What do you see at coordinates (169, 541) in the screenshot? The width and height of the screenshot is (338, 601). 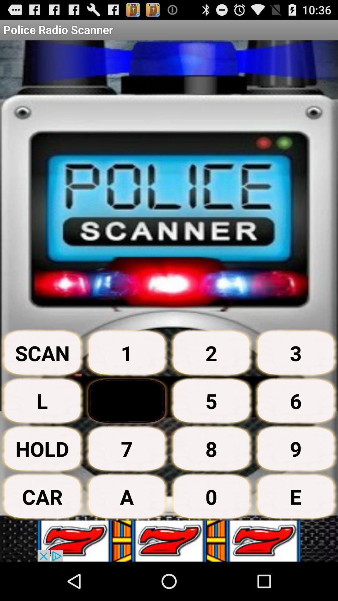 I see `advertisement` at bounding box center [169, 541].